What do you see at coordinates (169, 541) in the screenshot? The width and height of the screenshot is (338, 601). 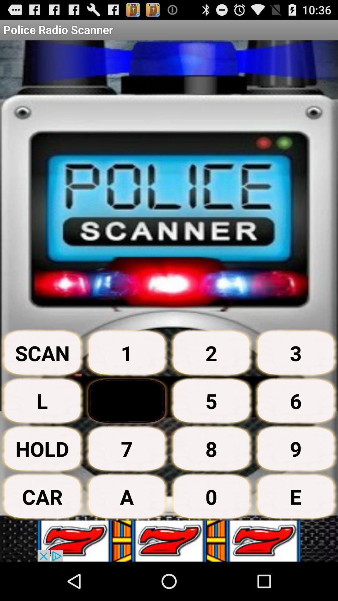 I see `advertisement` at bounding box center [169, 541].